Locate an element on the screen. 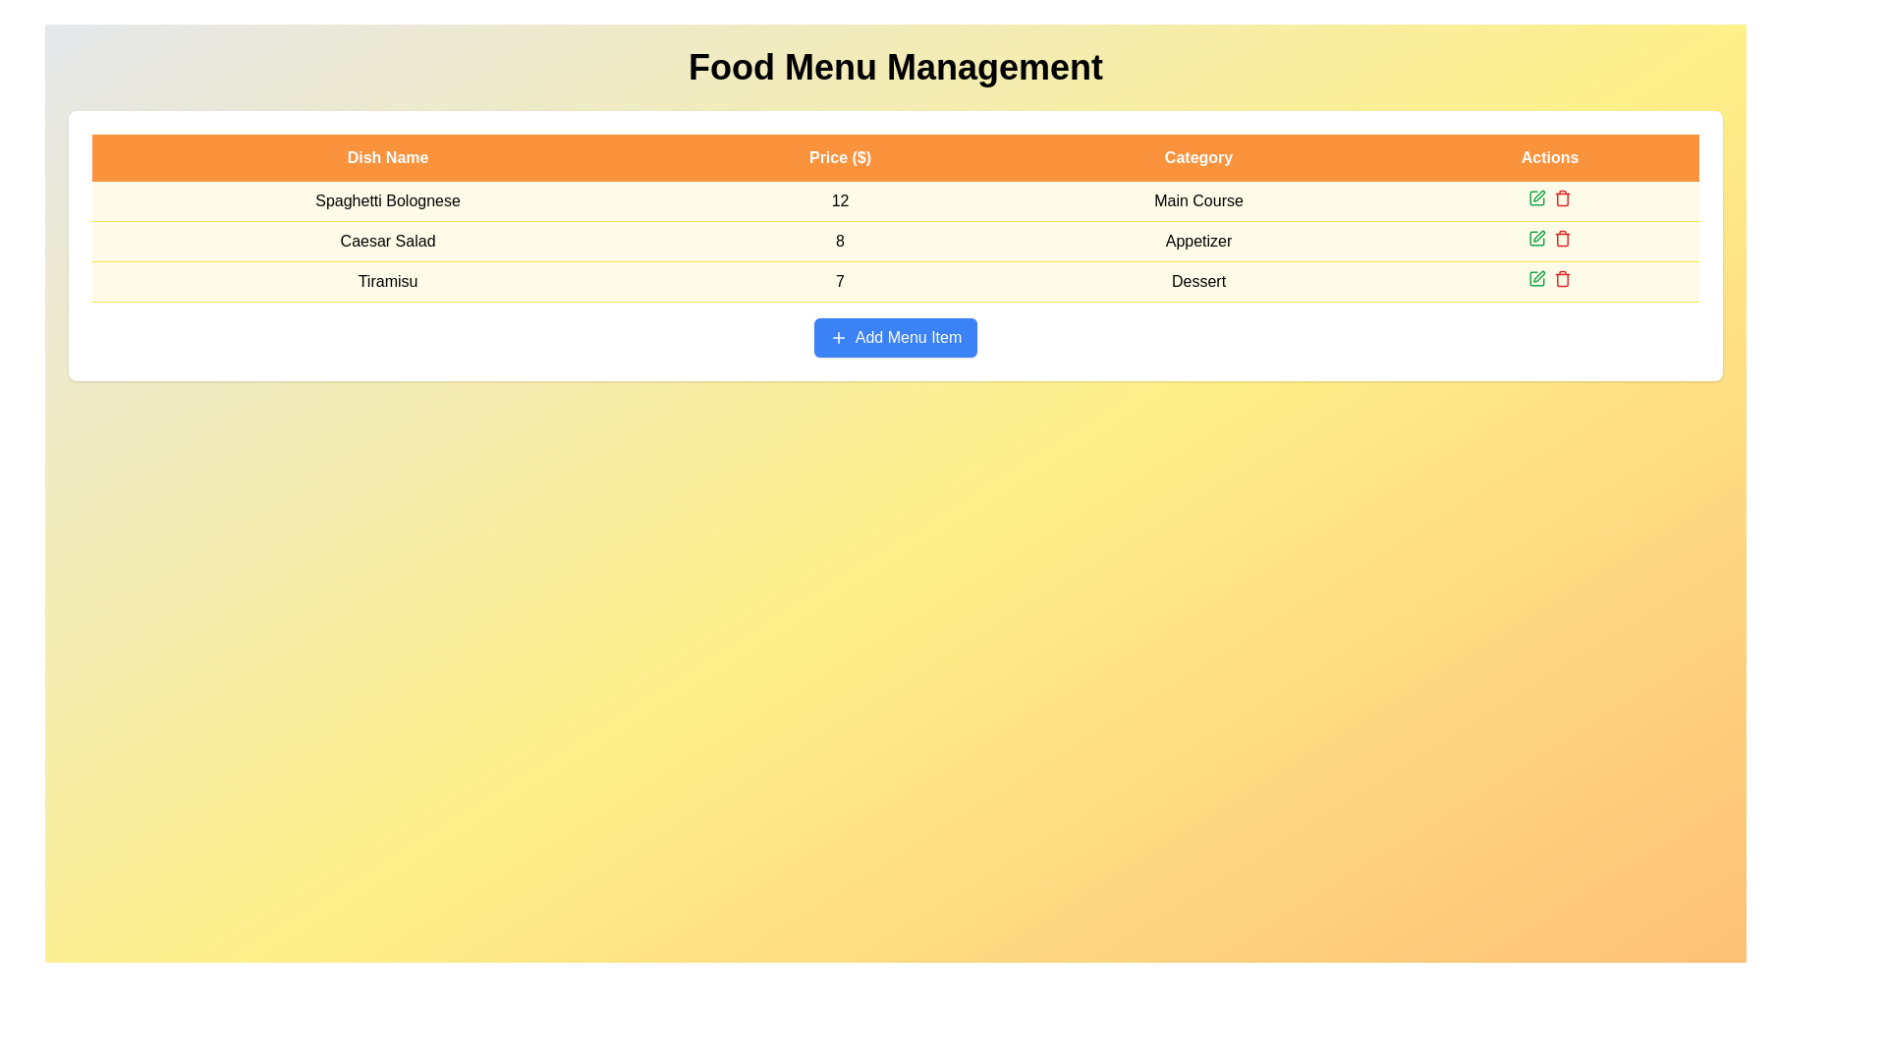  the text label displaying the digit '7' in the second column of the 'Tiramisu' row within the 'Food Menu Management' table, which is identified by its light yellow cell and right alignment to the 'Dish Name' cell is located at coordinates (840, 281).